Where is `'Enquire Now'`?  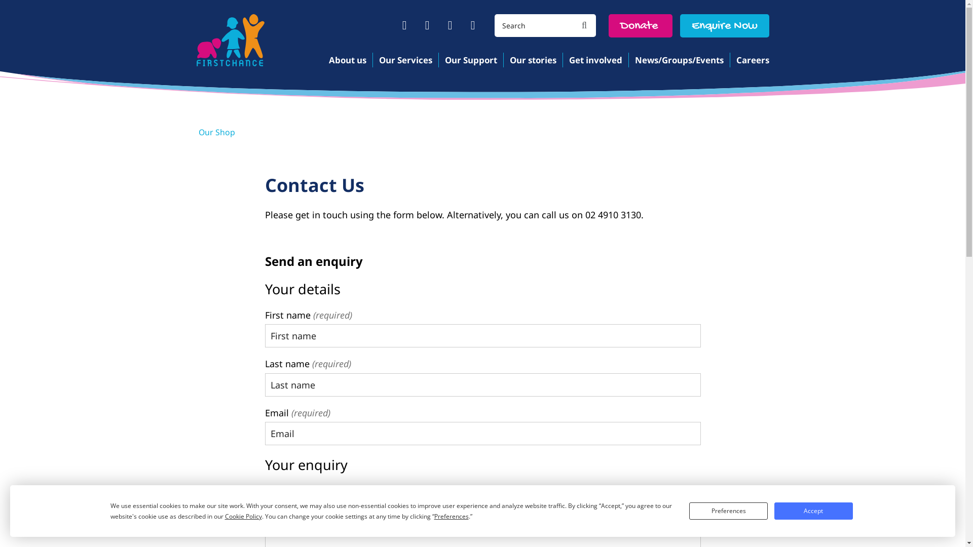 'Enquire Now' is located at coordinates (724, 25).